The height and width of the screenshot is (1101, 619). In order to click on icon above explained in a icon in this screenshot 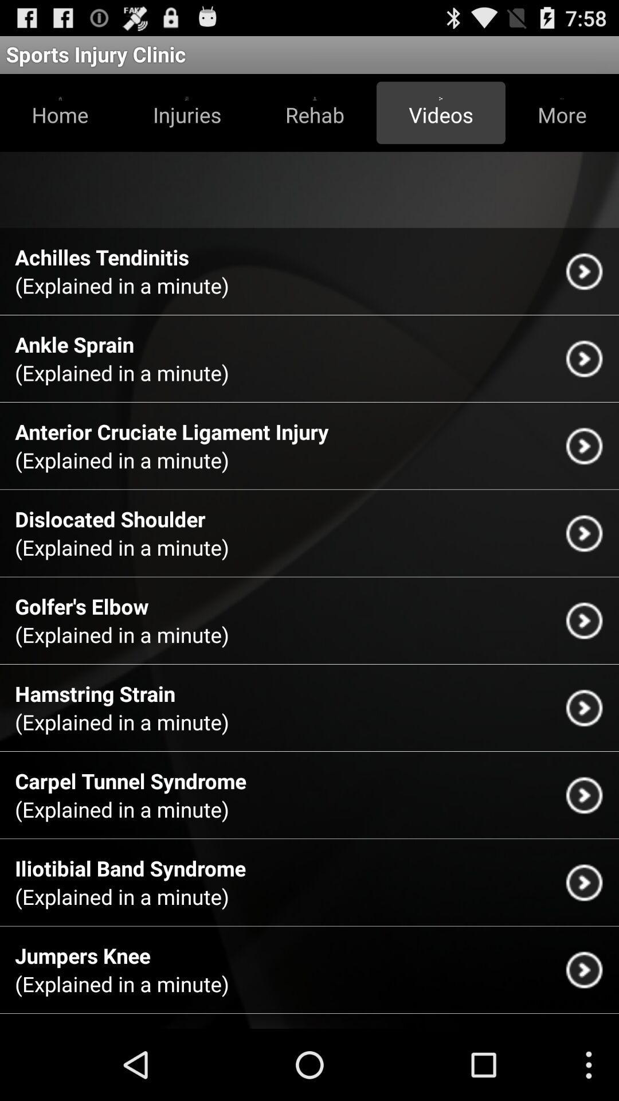, I will do `click(81, 606)`.